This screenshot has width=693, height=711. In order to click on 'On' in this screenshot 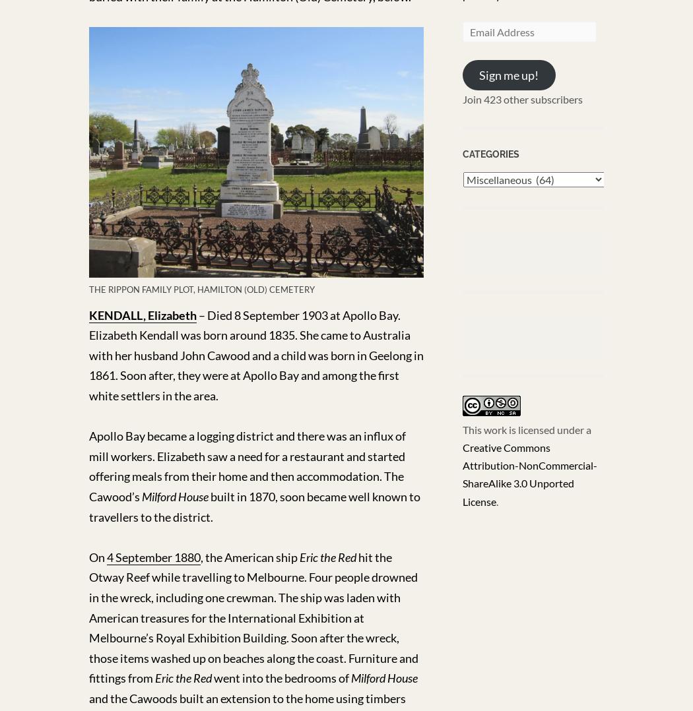, I will do `click(97, 556)`.